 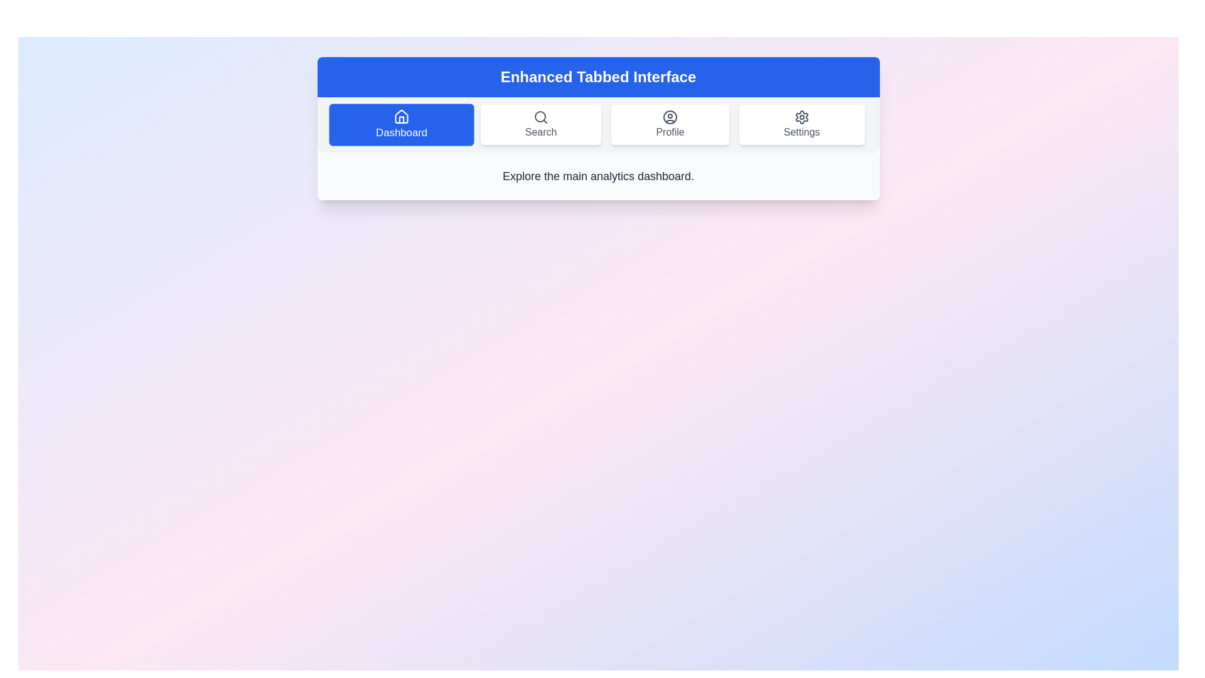 What do you see at coordinates (400, 125) in the screenshot?
I see `the 'Dashboard' tab or menu button located on the leftmost position of the horizontal row under the title 'Enhanced Tabbed Interface'` at bounding box center [400, 125].